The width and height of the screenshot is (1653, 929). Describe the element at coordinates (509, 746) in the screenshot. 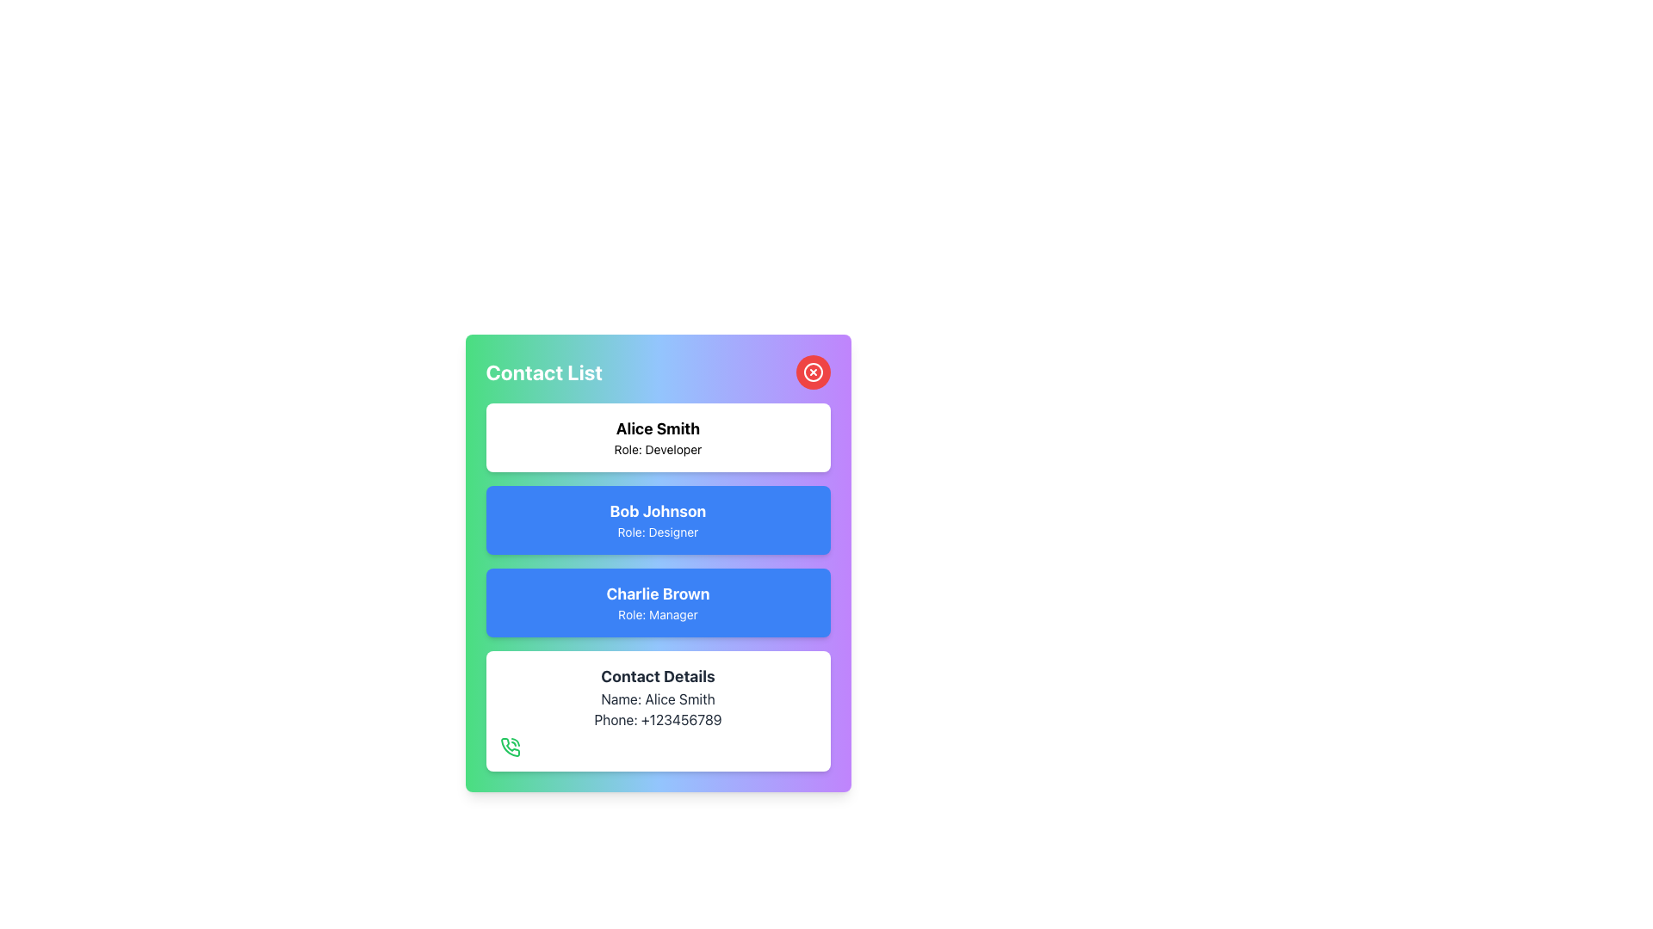

I see `the phone call icon located at the bottom-left corner of the 'Contact Details' section to initiate the call action` at that location.